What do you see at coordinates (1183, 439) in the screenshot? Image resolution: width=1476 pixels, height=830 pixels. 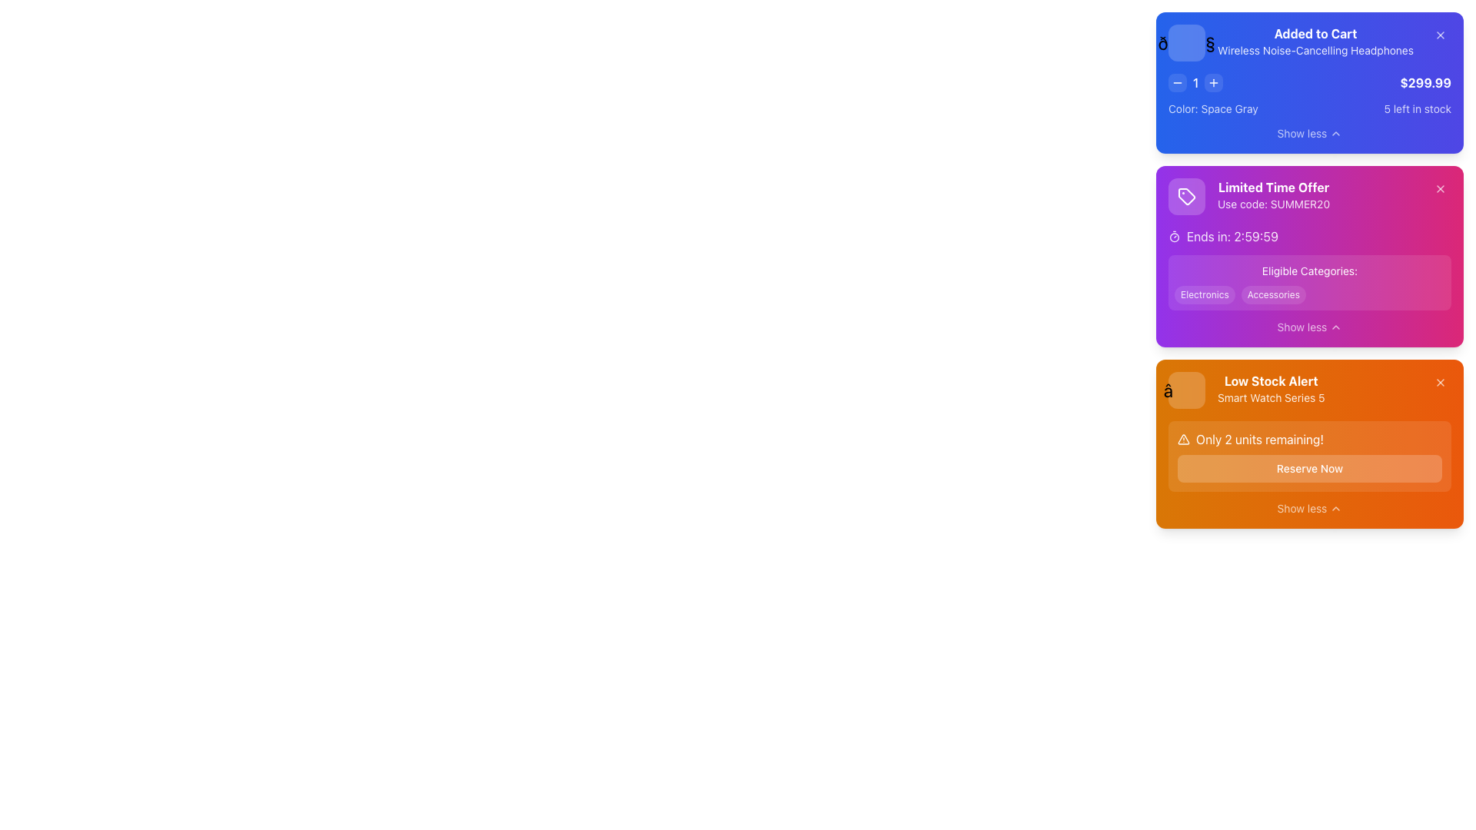 I see `the orange triangular warning icon located within the 'Low Stock Alert' notification card, positioned to the left of the text 'Only 2 units remaining!'` at bounding box center [1183, 439].